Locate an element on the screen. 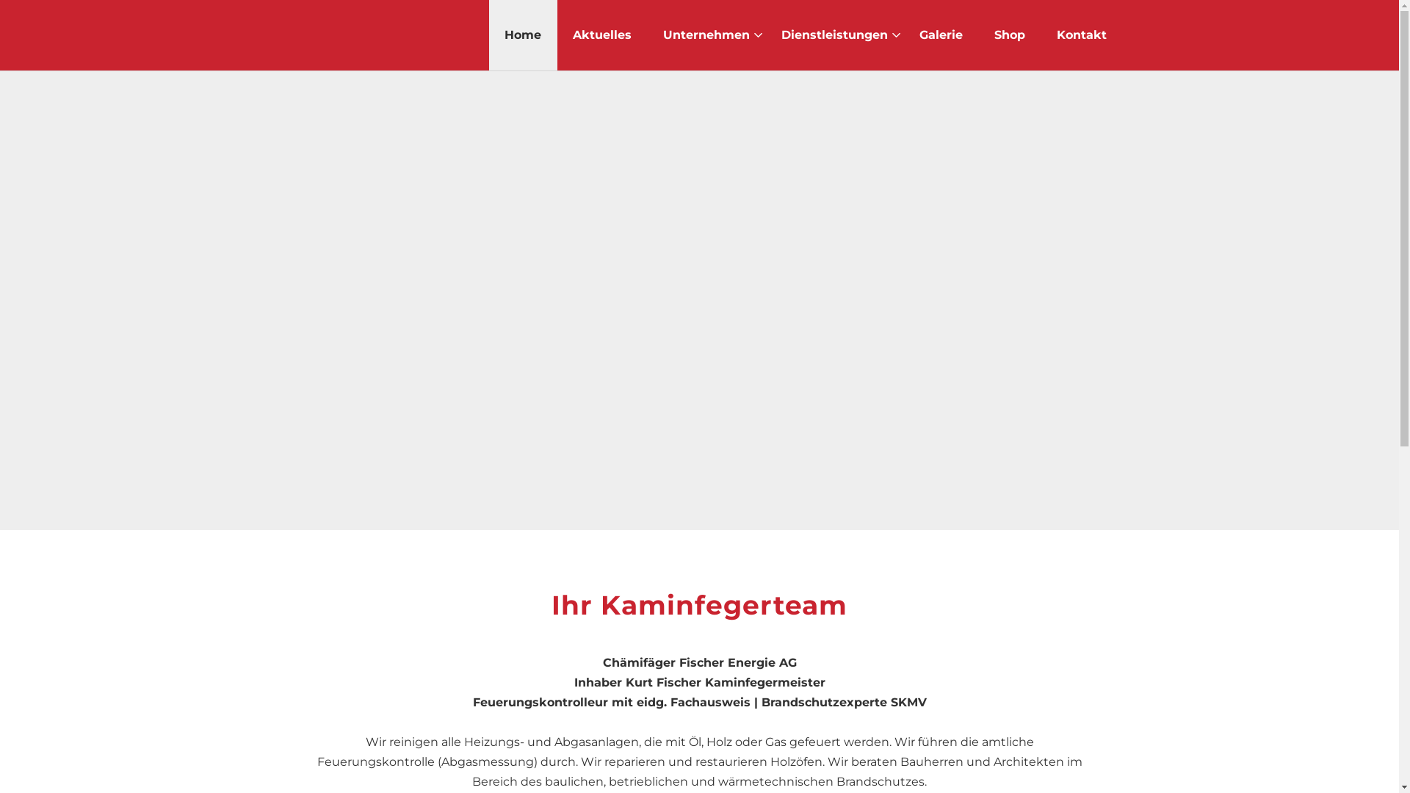 This screenshot has width=1410, height=793. 'Aktuelles' is located at coordinates (571, 34).